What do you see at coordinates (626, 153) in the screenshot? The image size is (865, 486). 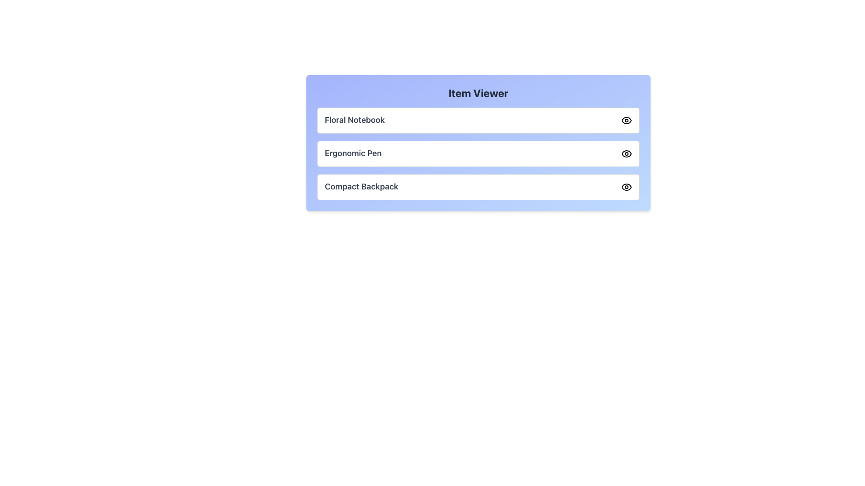 I see `the eye-shaped icon button at the right end of the 'Ergonomic Pen' row` at bounding box center [626, 153].